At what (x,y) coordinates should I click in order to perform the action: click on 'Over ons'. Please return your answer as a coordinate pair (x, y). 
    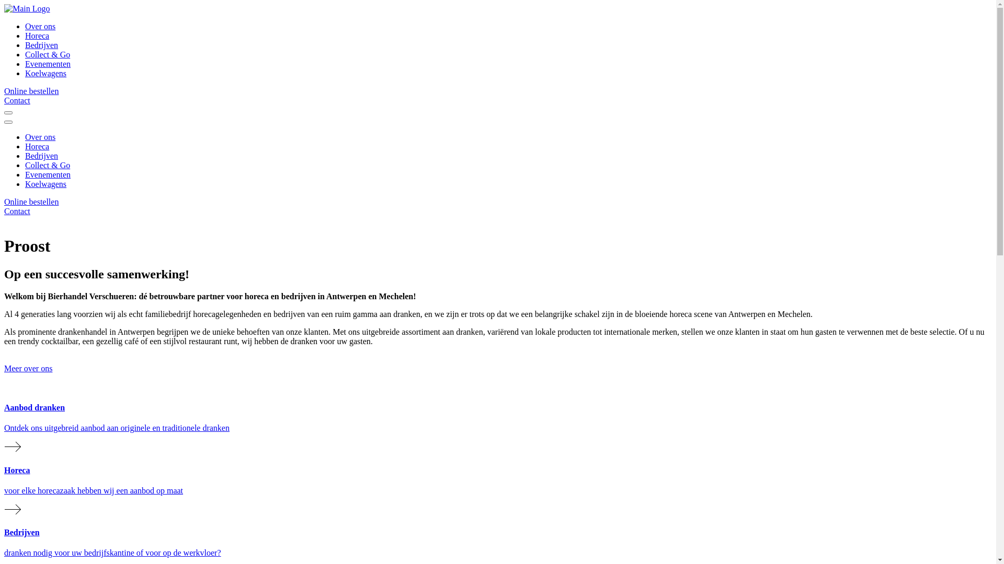
    Looking at the image, I should click on (40, 136).